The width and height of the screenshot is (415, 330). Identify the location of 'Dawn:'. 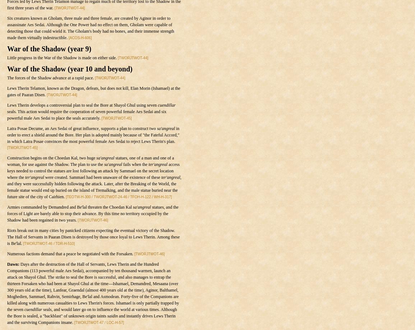
(13, 264).